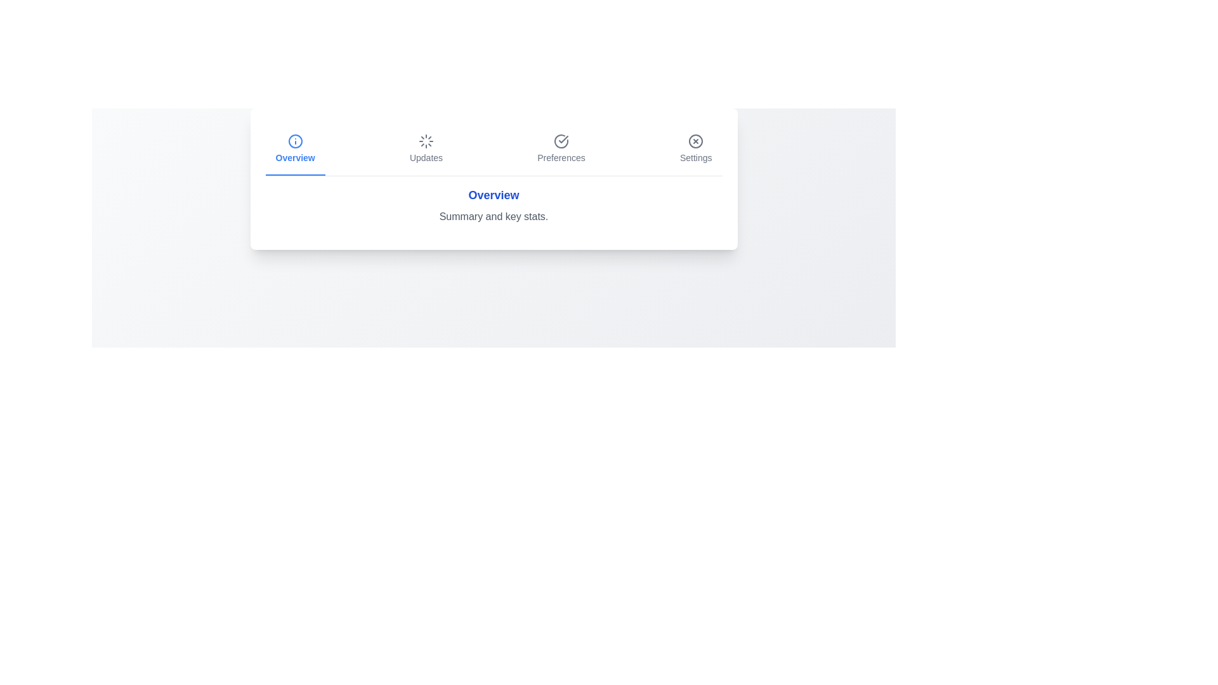 This screenshot has height=685, width=1218. I want to click on the tab labeled Overview, so click(294, 148).